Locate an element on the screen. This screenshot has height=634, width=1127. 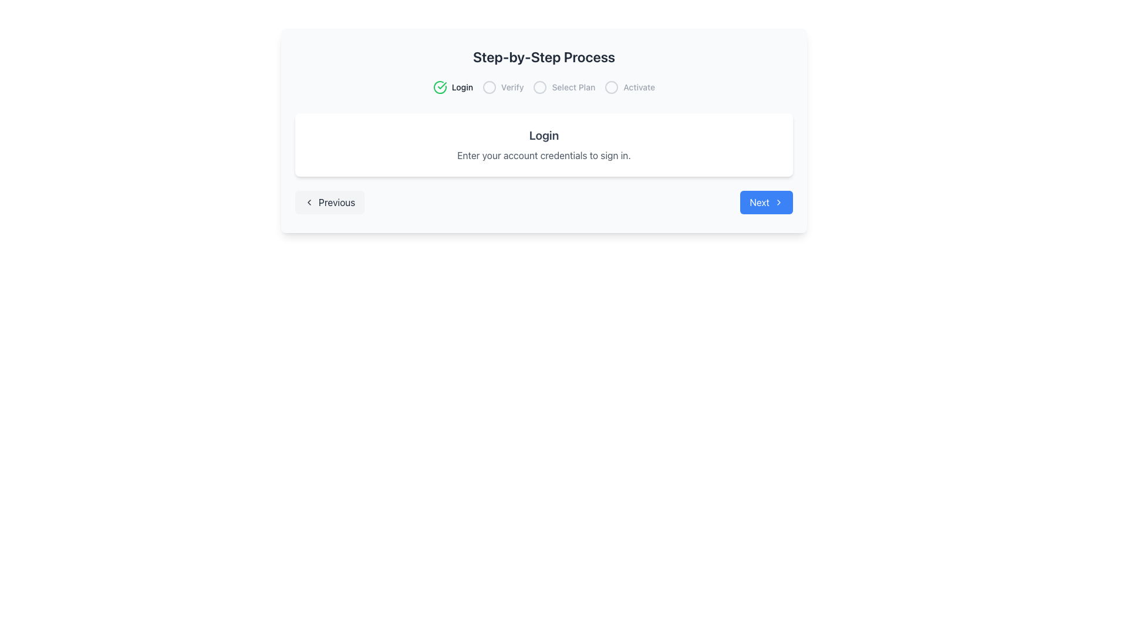
the Progress indicator for the 'Activate' step is located at coordinates (629, 87).